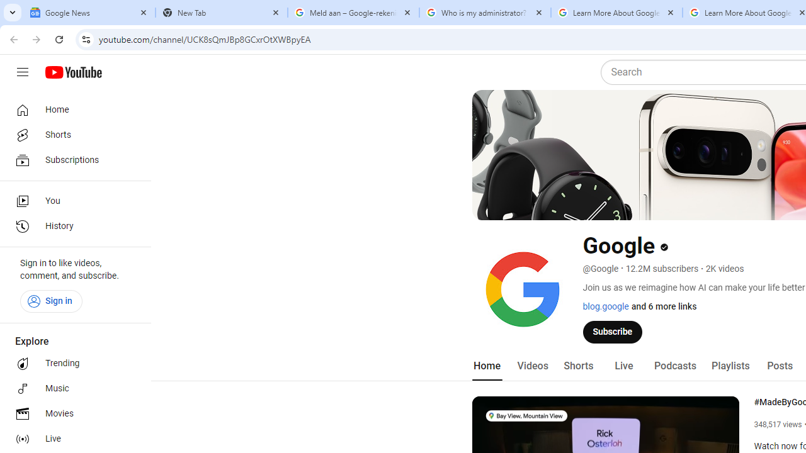  Describe the element at coordinates (71, 414) in the screenshot. I see `'Movies'` at that location.